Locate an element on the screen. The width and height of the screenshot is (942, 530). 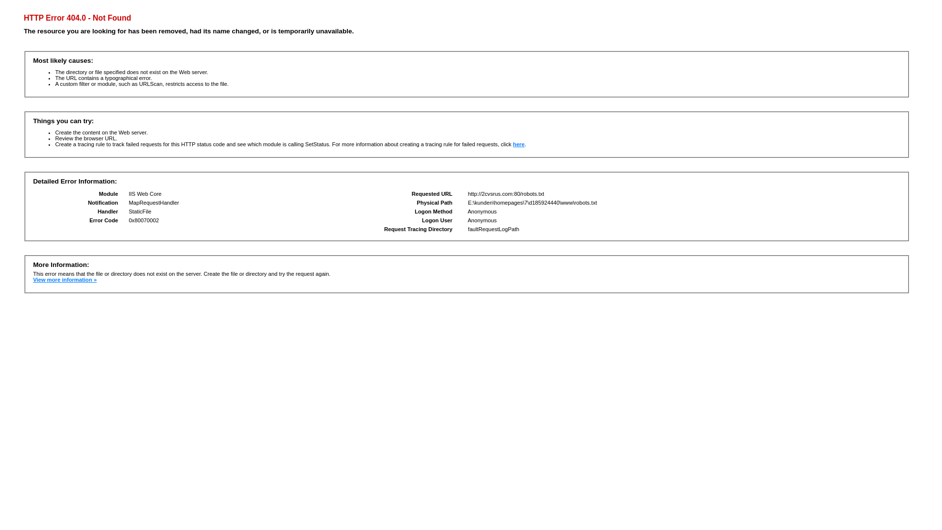
'here' is located at coordinates (518, 144).